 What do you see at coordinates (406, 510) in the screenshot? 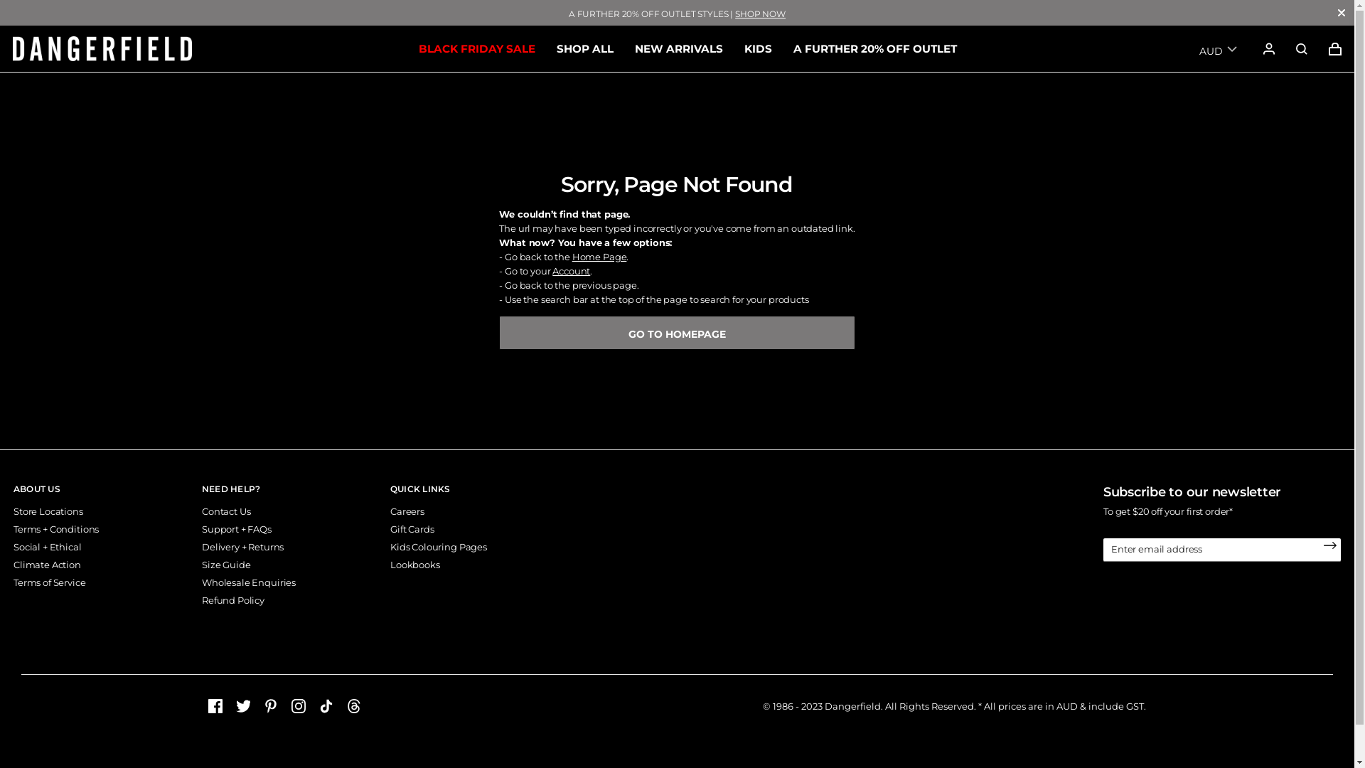
I see `'Careers'` at bounding box center [406, 510].